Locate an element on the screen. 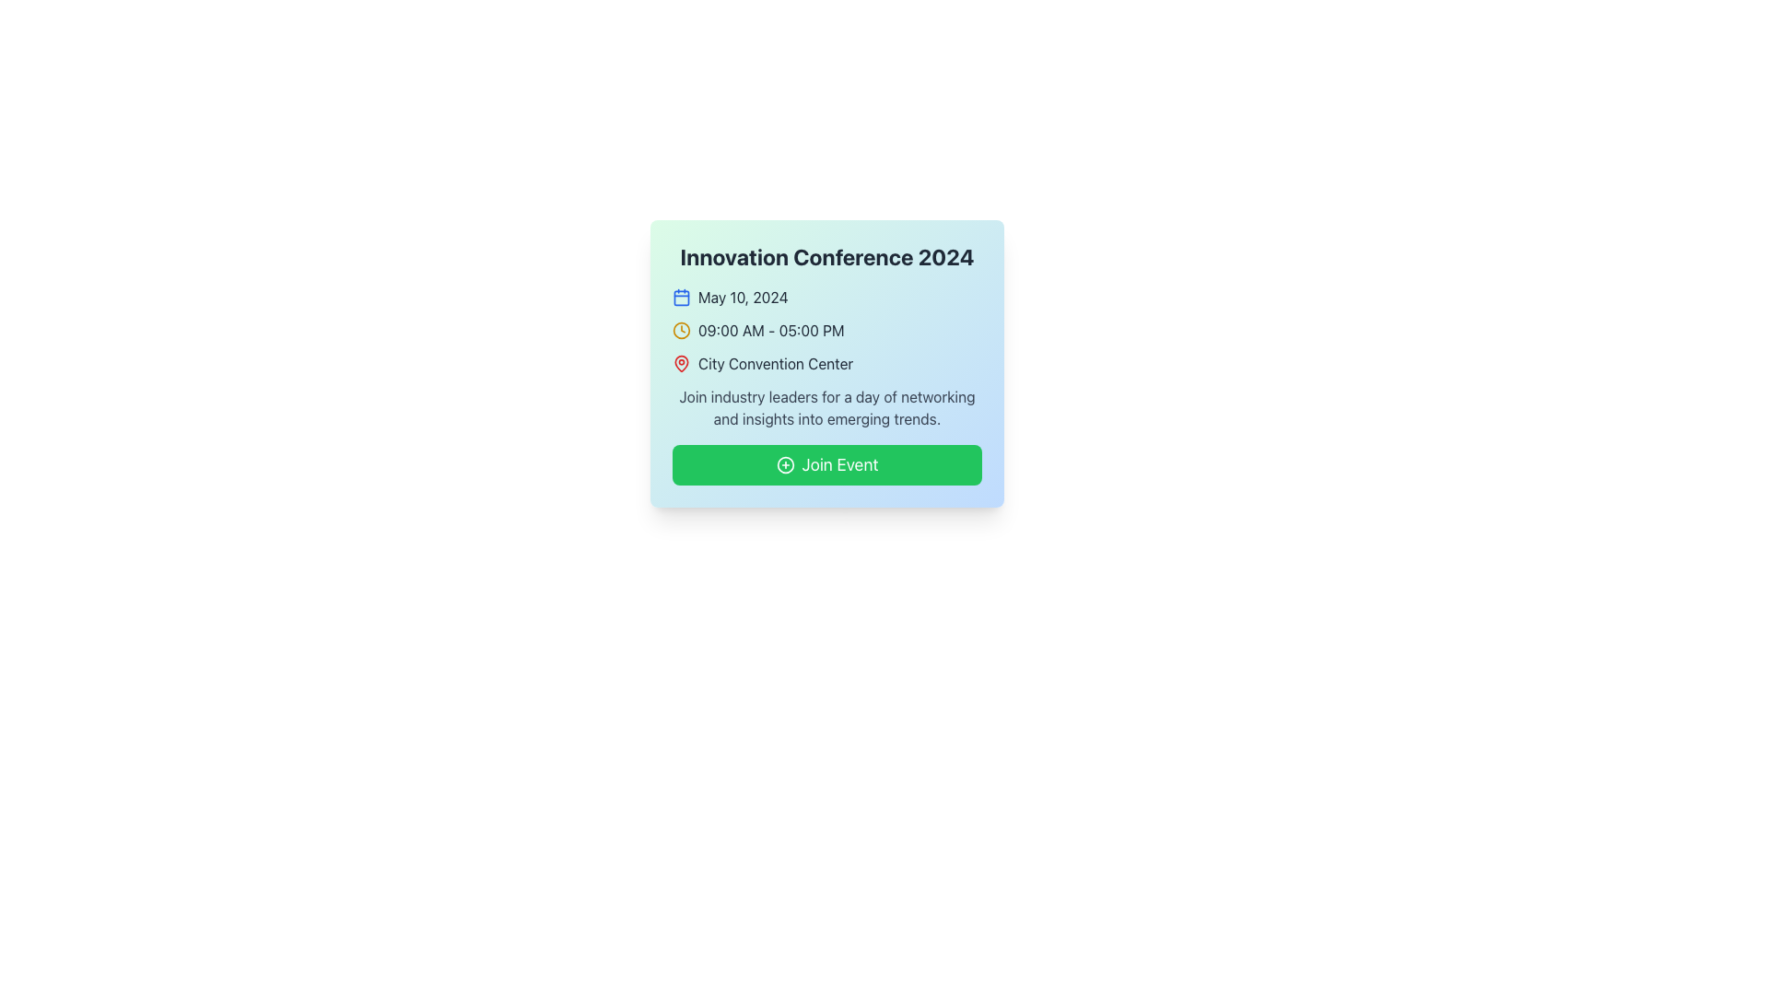 This screenshot has width=1769, height=995. the Text Label that displays the event location, positioned below the time information and above the paragraph description, to potentially trigger additional location-related actions is located at coordinates (776, 363).